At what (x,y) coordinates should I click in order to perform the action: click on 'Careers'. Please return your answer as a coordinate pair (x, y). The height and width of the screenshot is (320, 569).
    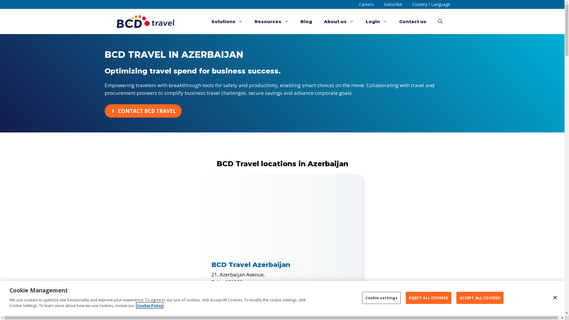
    Looking at the image, I should click on (354, 4).